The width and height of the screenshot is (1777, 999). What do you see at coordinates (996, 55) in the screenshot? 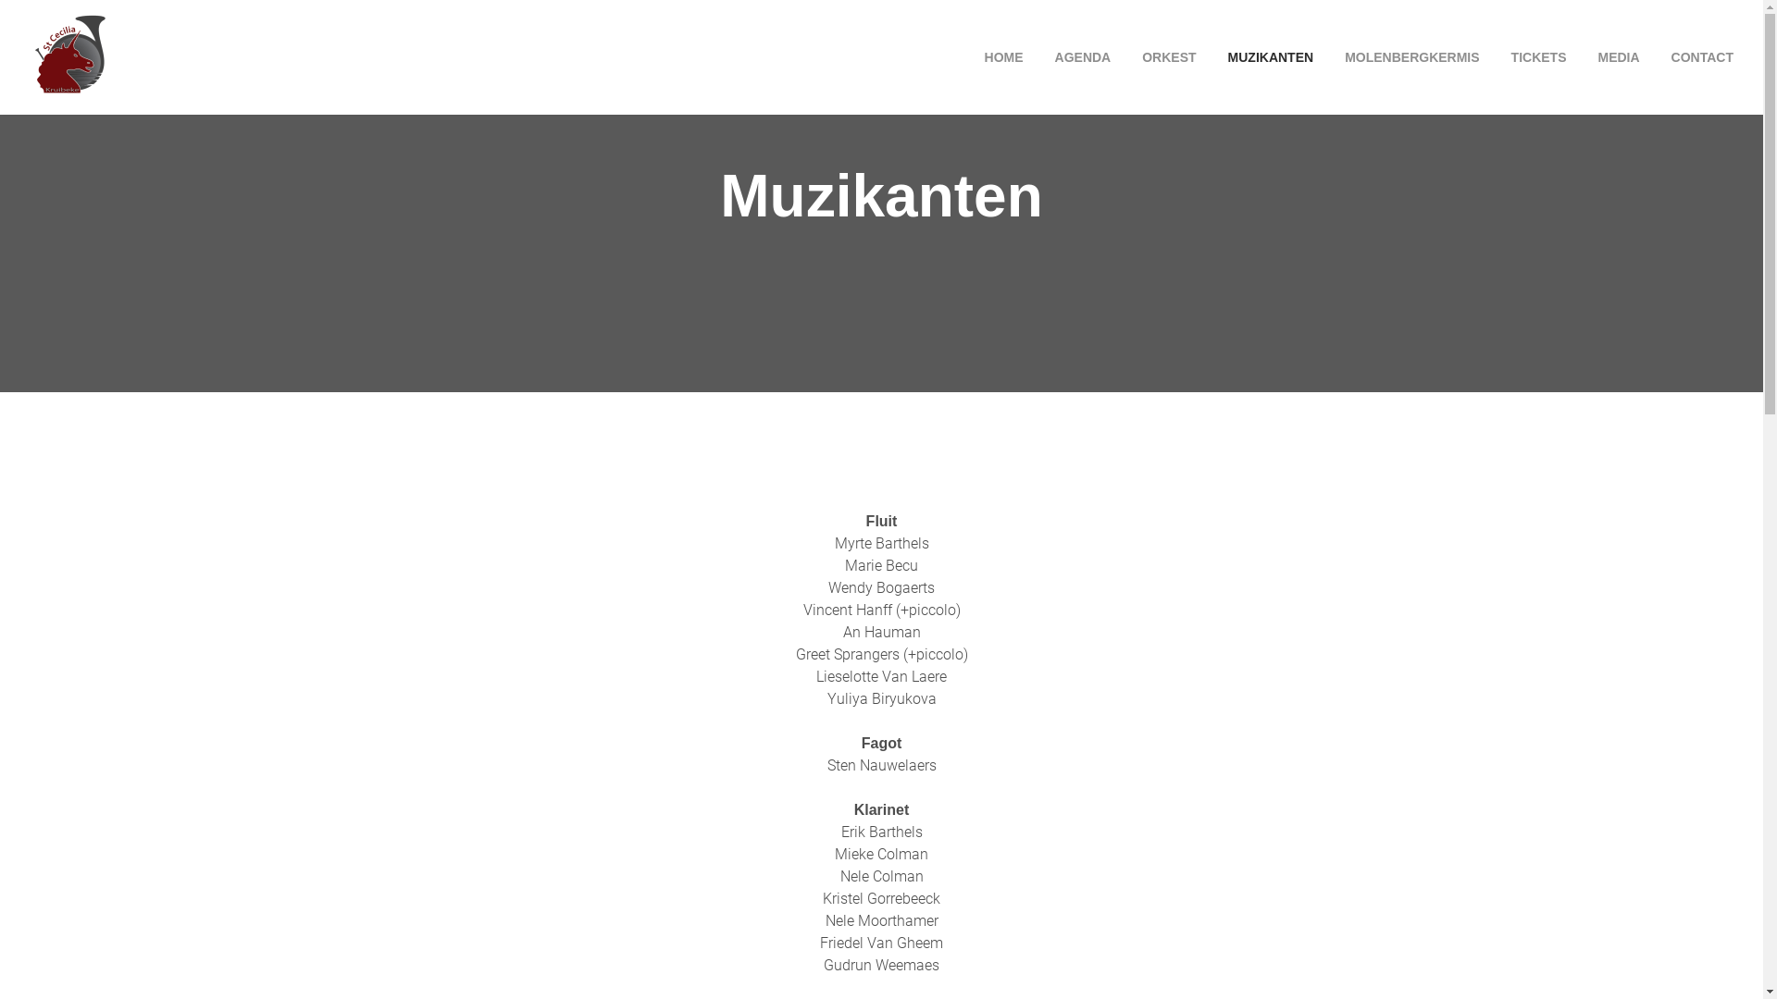
I see `'HOME'` at bounding box center [996, 55].